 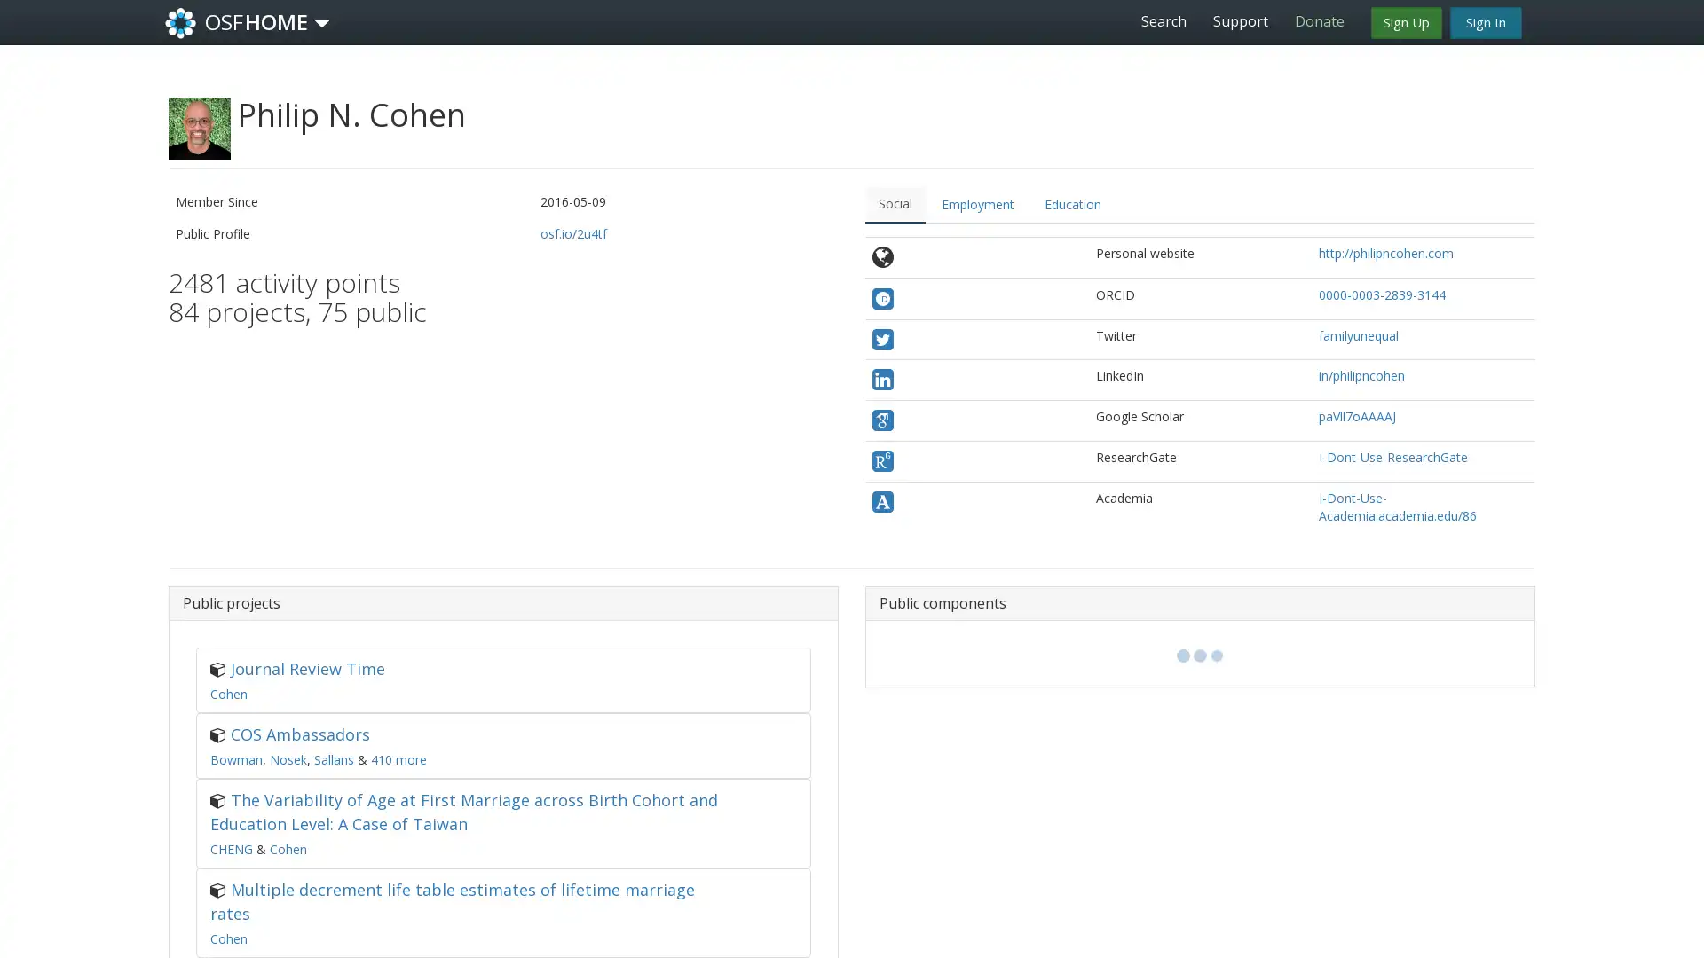 I want to click on Toggle primary navigation, so click(x=322, y=23).